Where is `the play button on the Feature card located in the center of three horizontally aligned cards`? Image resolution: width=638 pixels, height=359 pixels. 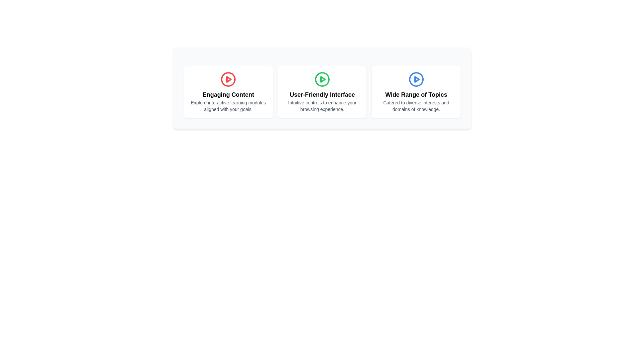
the play button on the Feature card located in the center of three horizontally aligned cards is located at coordinates (322, 92).